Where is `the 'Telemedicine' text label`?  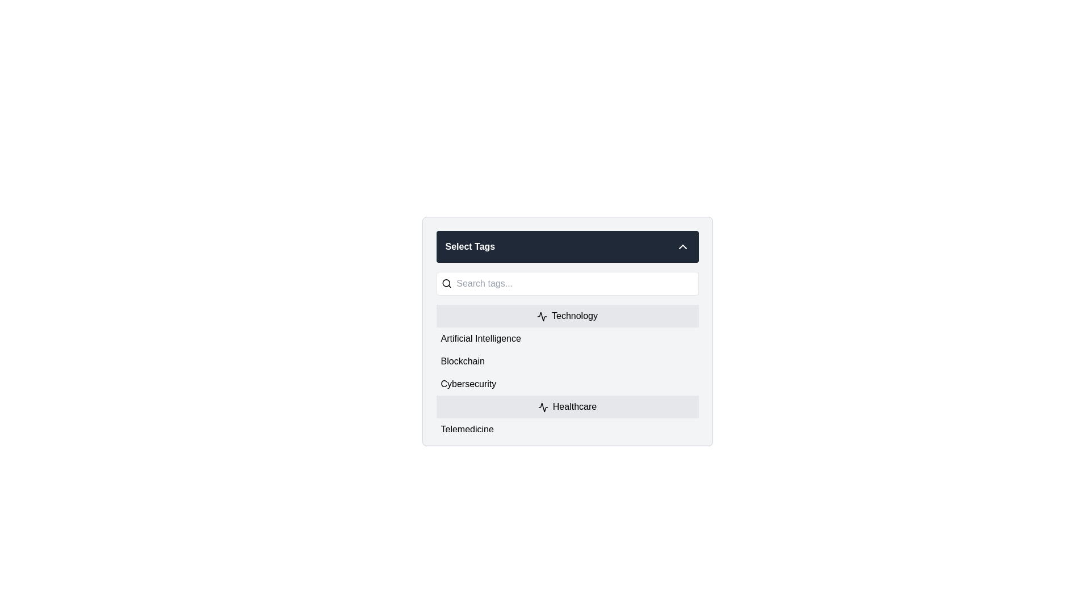
the 'Telemedicine' text label is located at coordinates (467, 429).